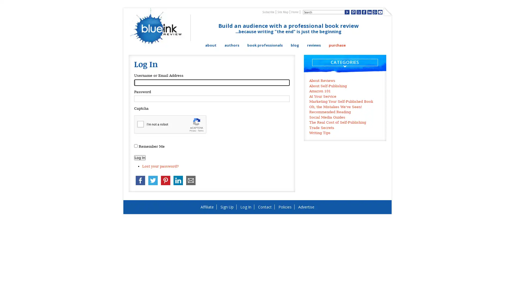  Describe the element at coordinates (140, 157) in the screenshot. I see `Log In` at that location.